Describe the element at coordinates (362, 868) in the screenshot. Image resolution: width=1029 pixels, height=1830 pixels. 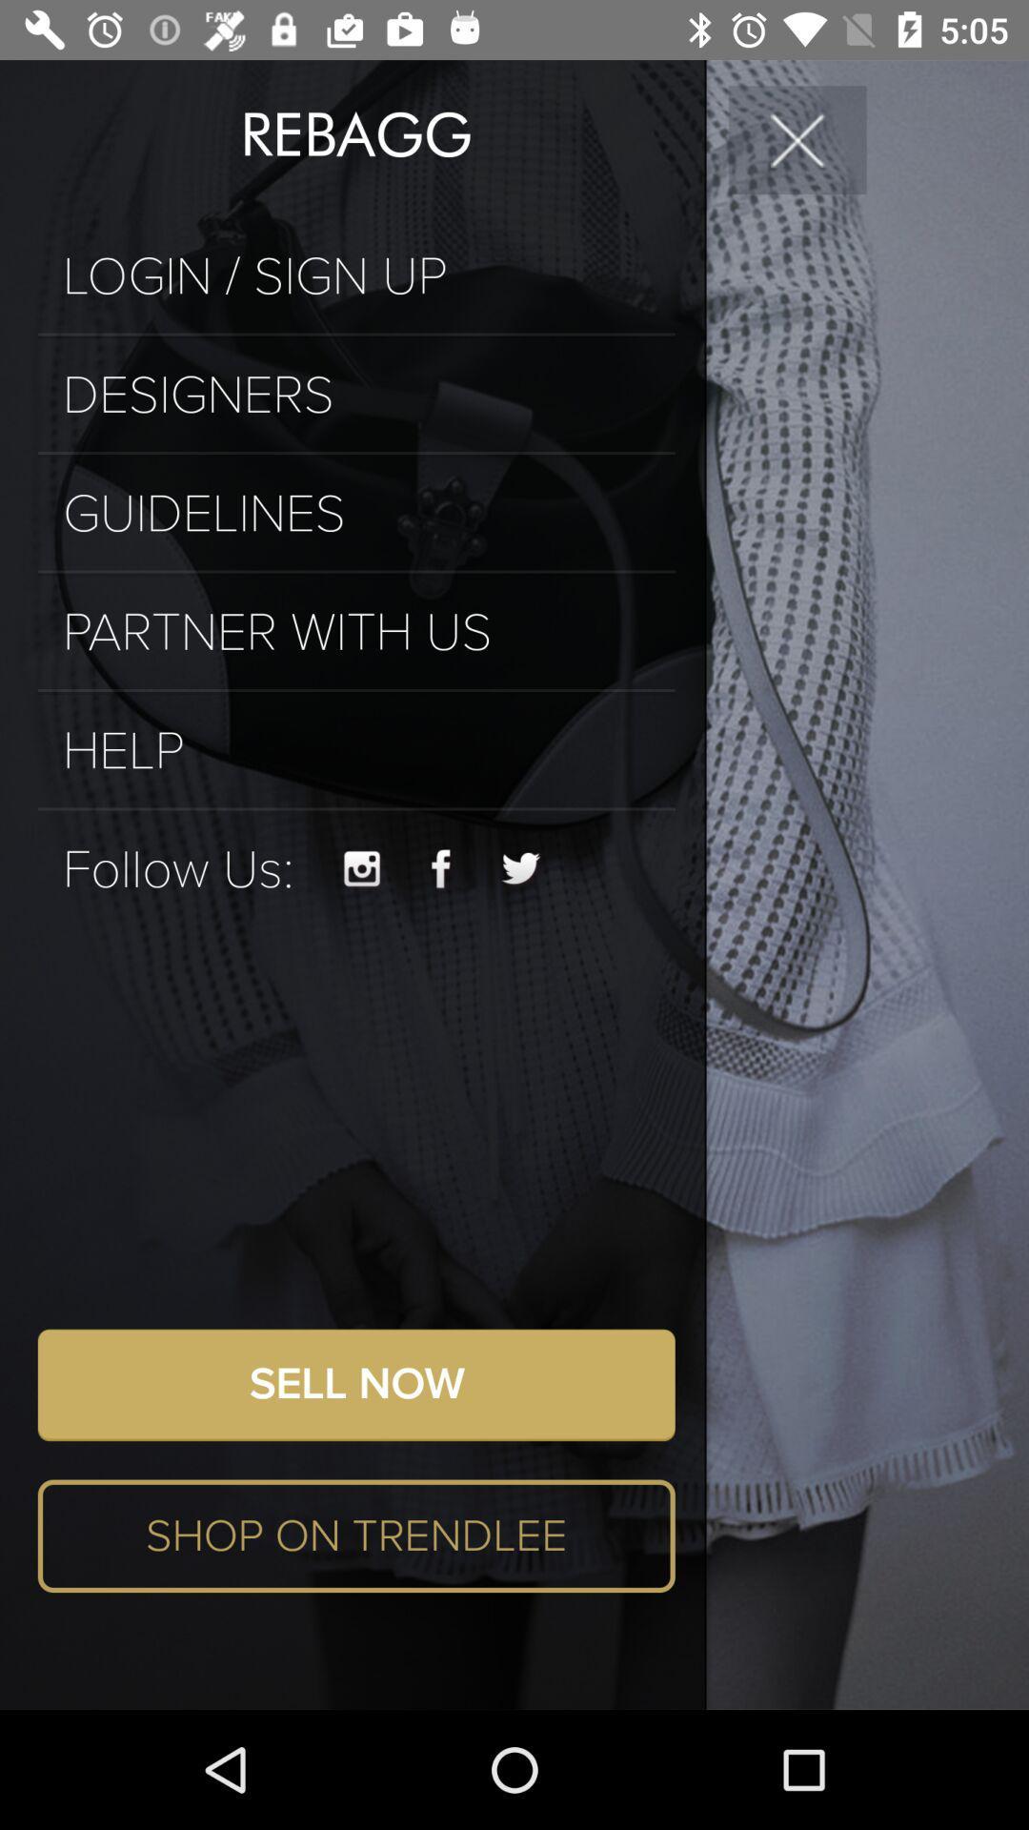
I see `instagram` at that location.